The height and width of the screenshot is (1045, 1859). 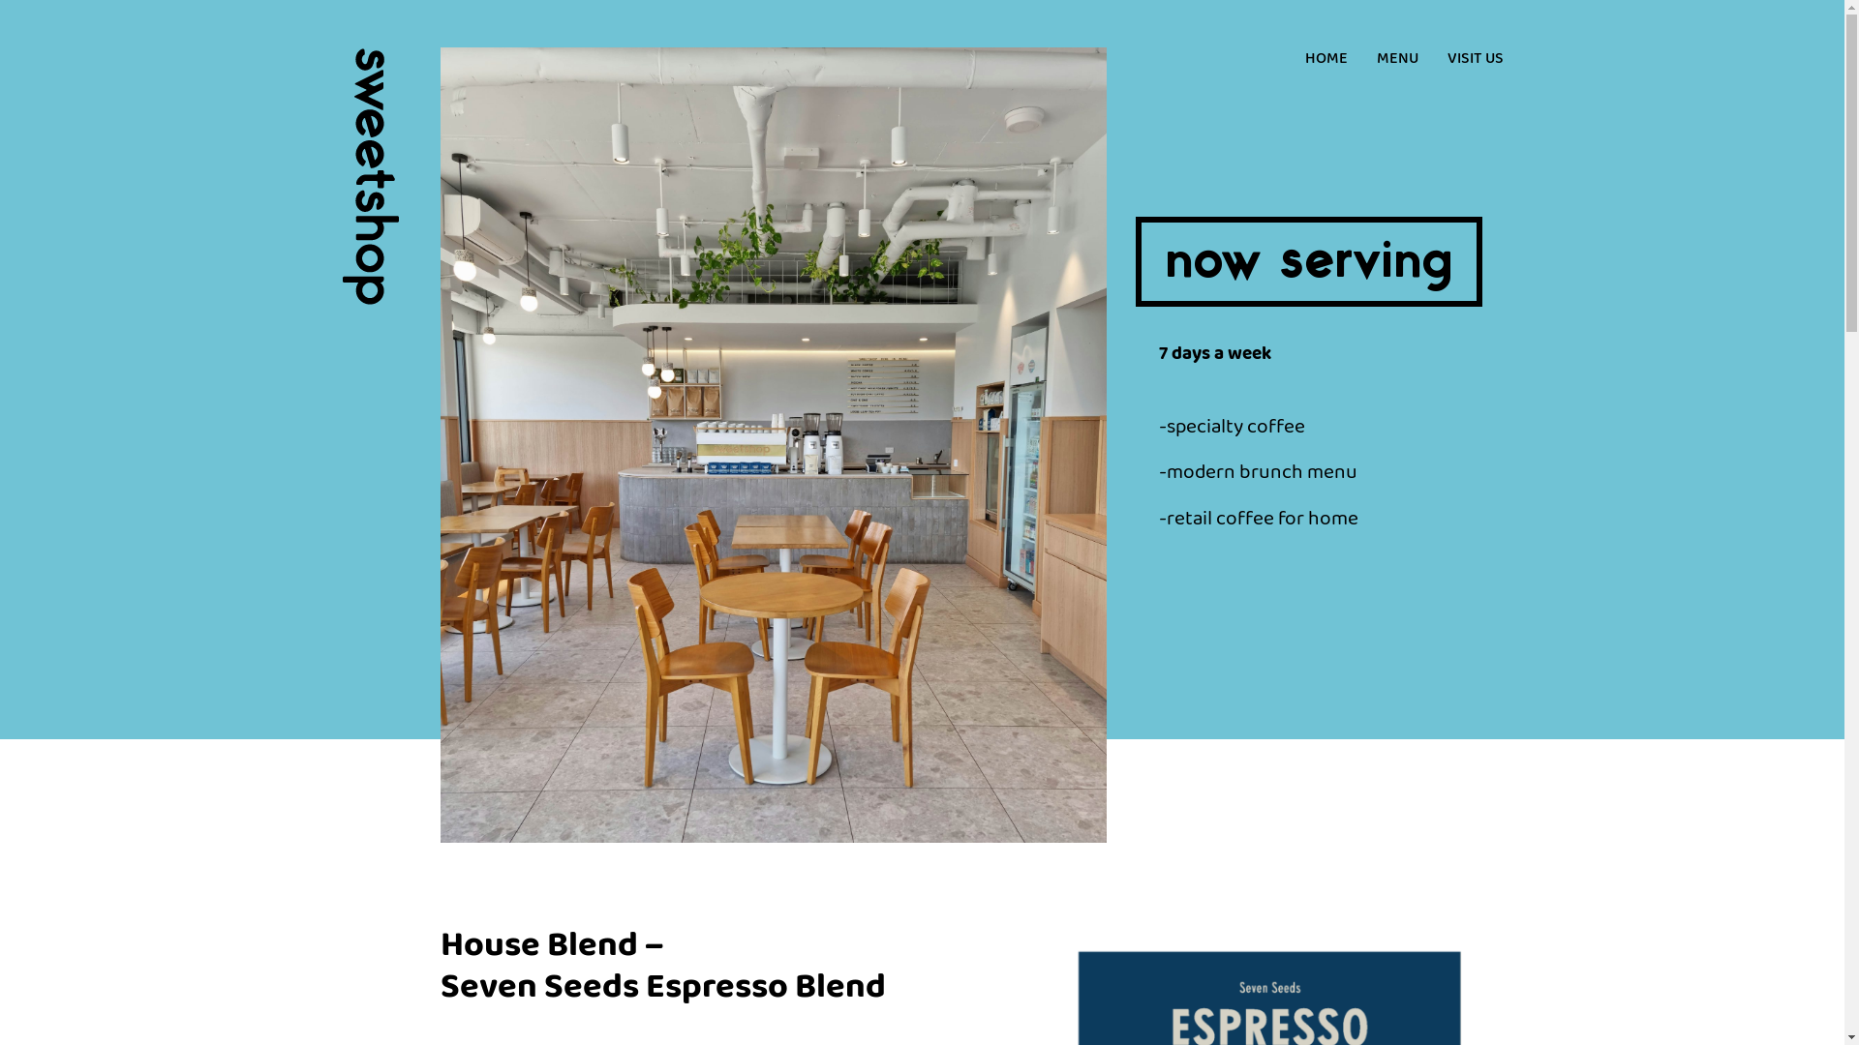 What do you see at coordinates (1473, 58) in the screenshot?
I see `'VISIT US'` at bounding box center [1473, 58].